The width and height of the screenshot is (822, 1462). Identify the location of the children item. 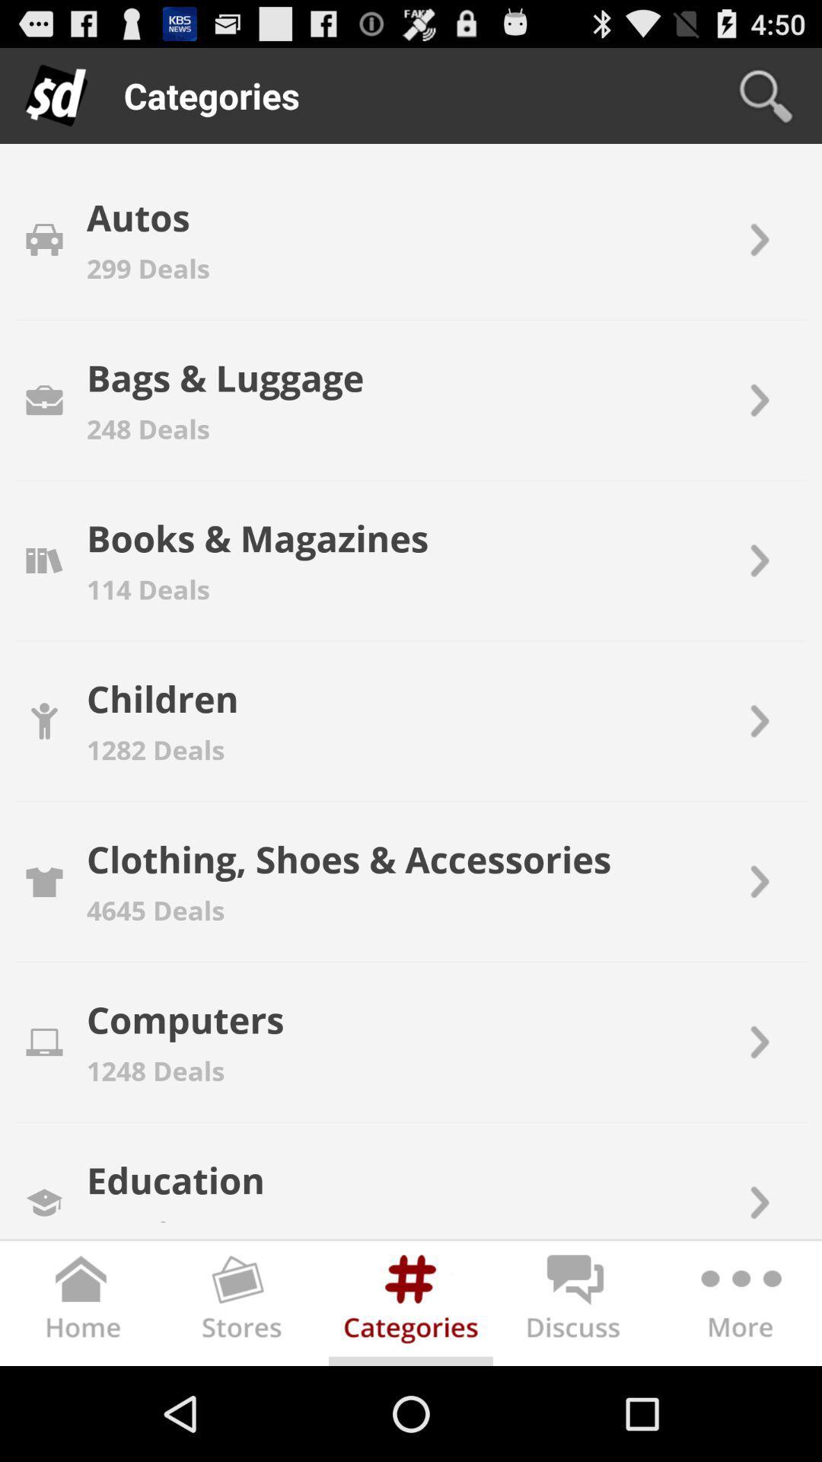
(162, 697).